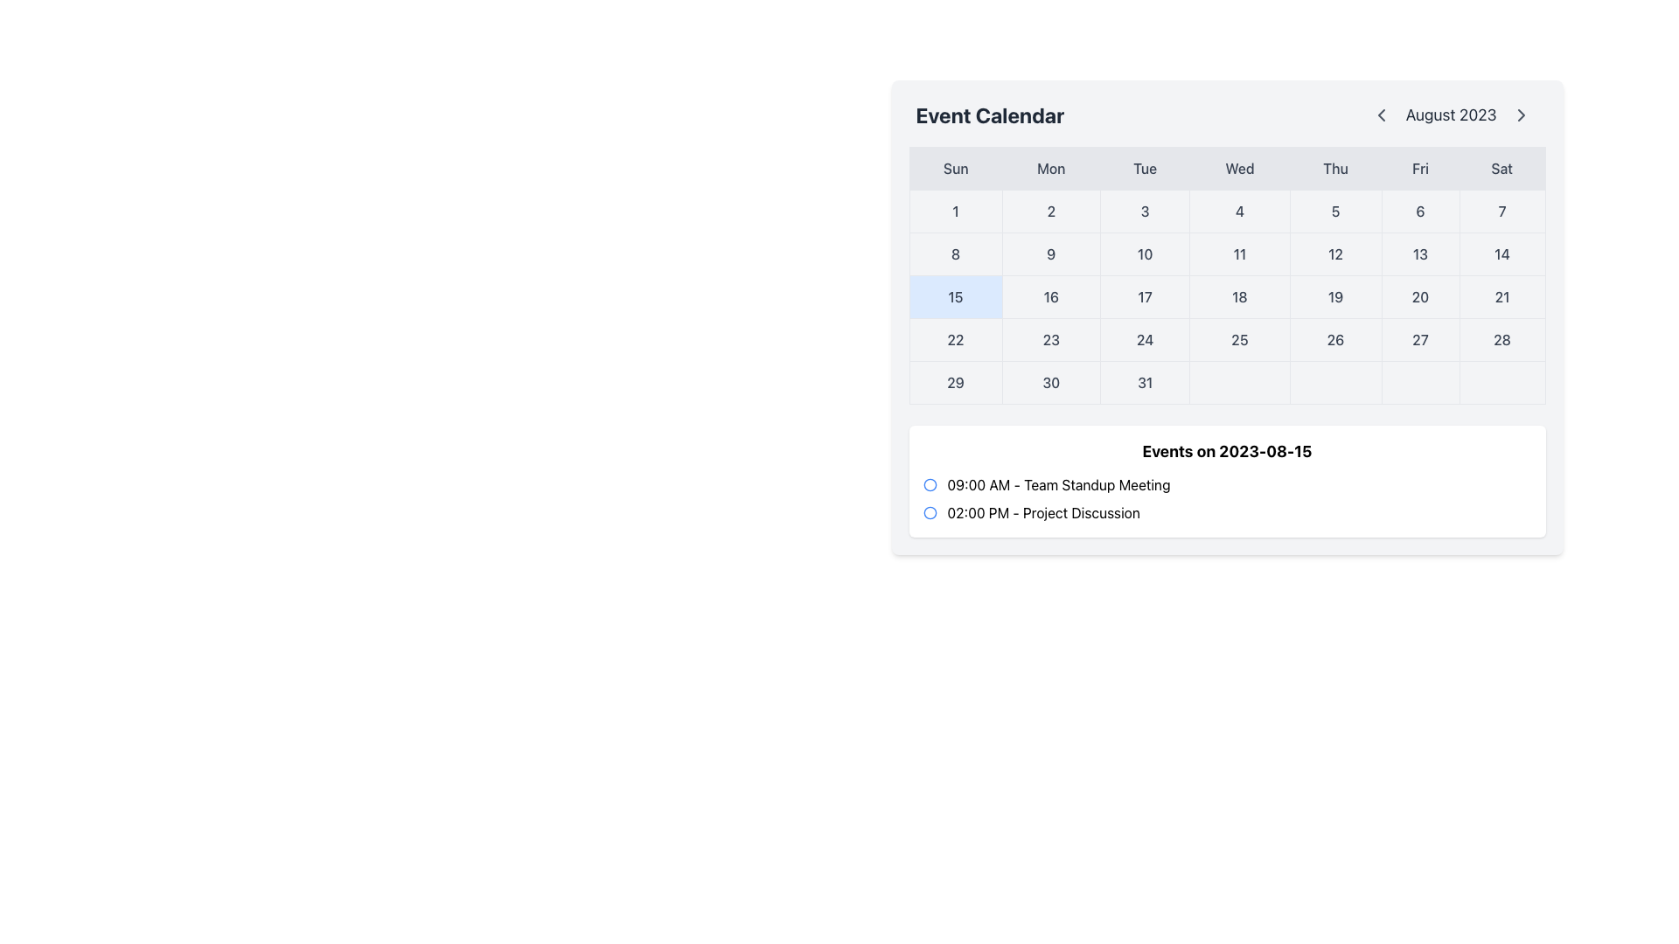 The height and width of the screenshot is (944, 1679). Describe the element at coordinates (955, 211) in the screenshot. I see `the first Calendar Day Cell located under the 'Sun' header` at that location.